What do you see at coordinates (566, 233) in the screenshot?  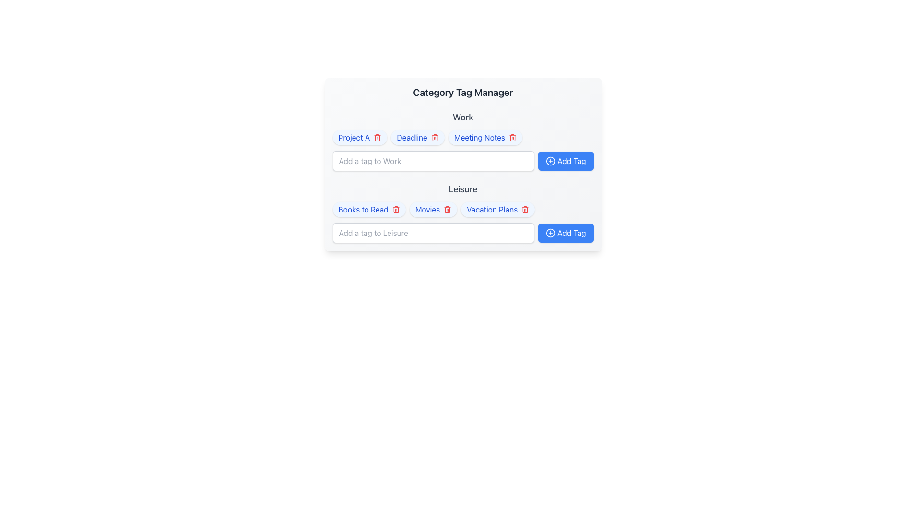 I see `the 'Add Tag' button with a blue background and white text, located at the bottom section of the 'Category Tag Manager' interface, to initiate tag addition` at bounding box center [566, 233].